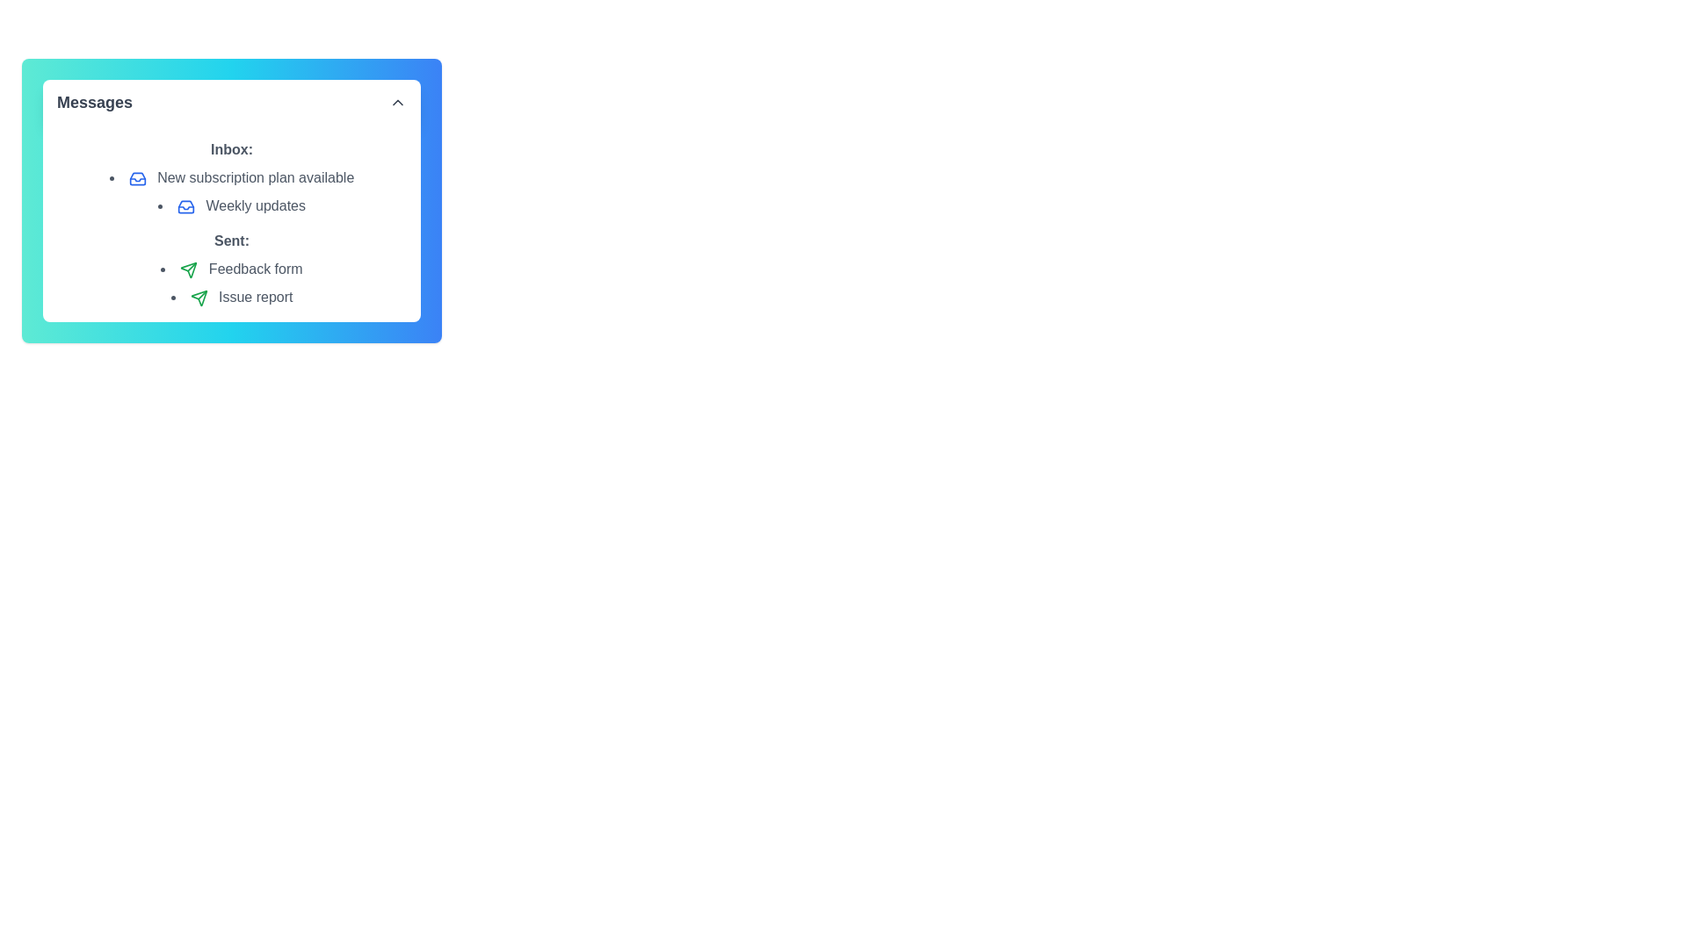 This screenshot has height=948, width=1687. What do you see at coordinates (231, 178) in the screenshot?
I see `the text label reading 'New subscription plan available' to take action related to the subscription plan` at bounding box center [231, 178].